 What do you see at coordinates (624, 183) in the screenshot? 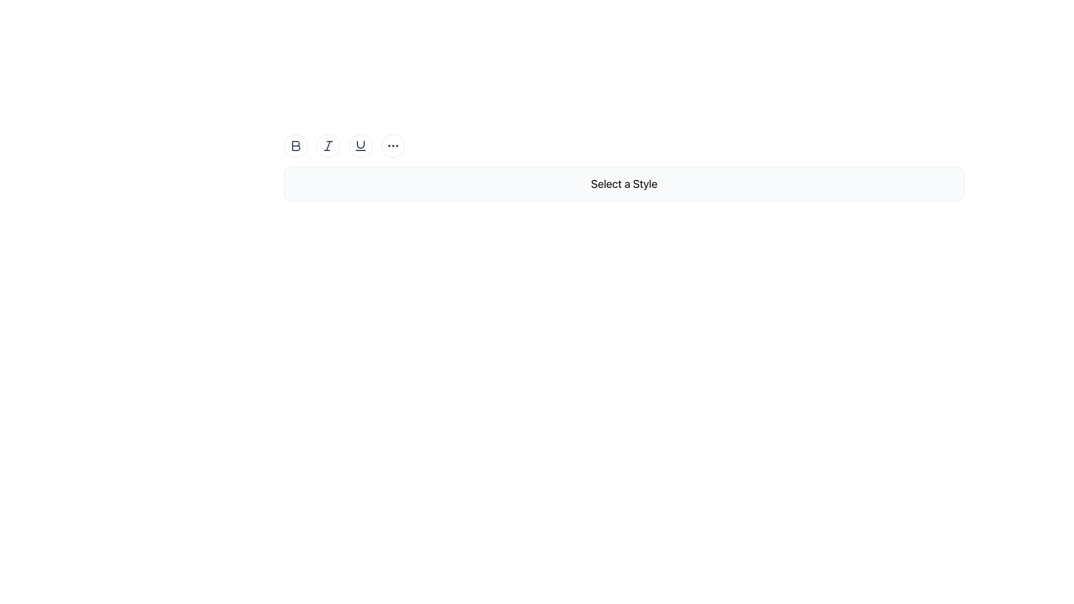
I see `the prominently displayed text label stating 'Select a Style' which is centrally positioned in a light background box with rounded corners` at bounding box center [624, 183].